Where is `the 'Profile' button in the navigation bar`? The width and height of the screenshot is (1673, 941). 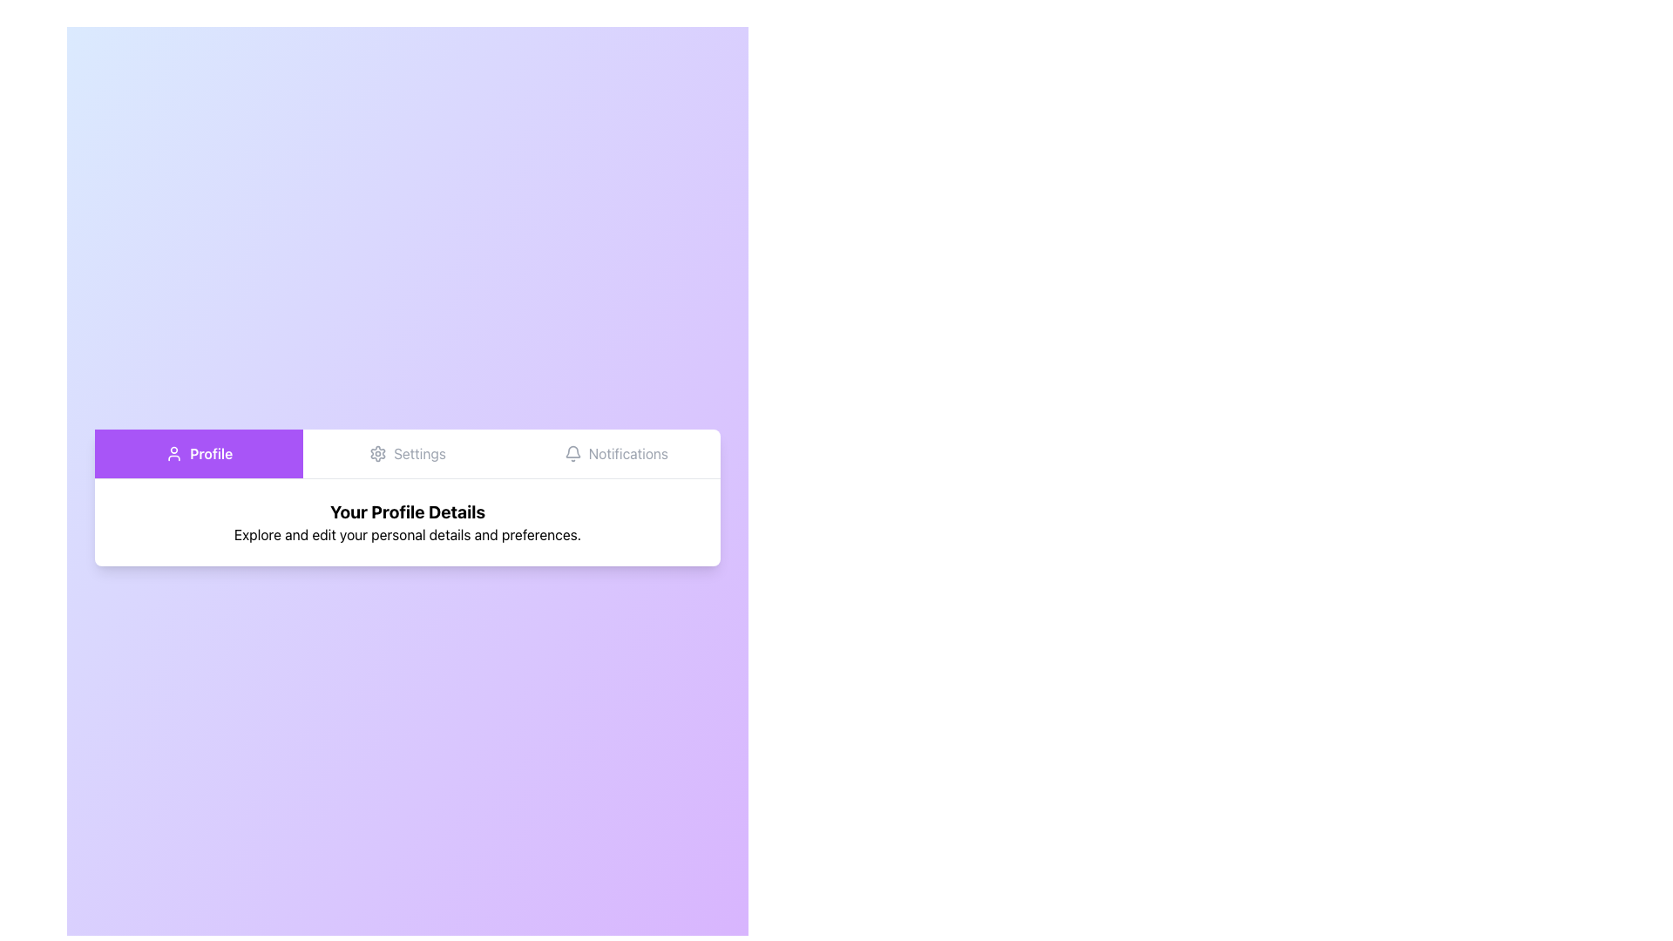 the 'Profile' button in the navigation bar is located at coordinates (199, 452).